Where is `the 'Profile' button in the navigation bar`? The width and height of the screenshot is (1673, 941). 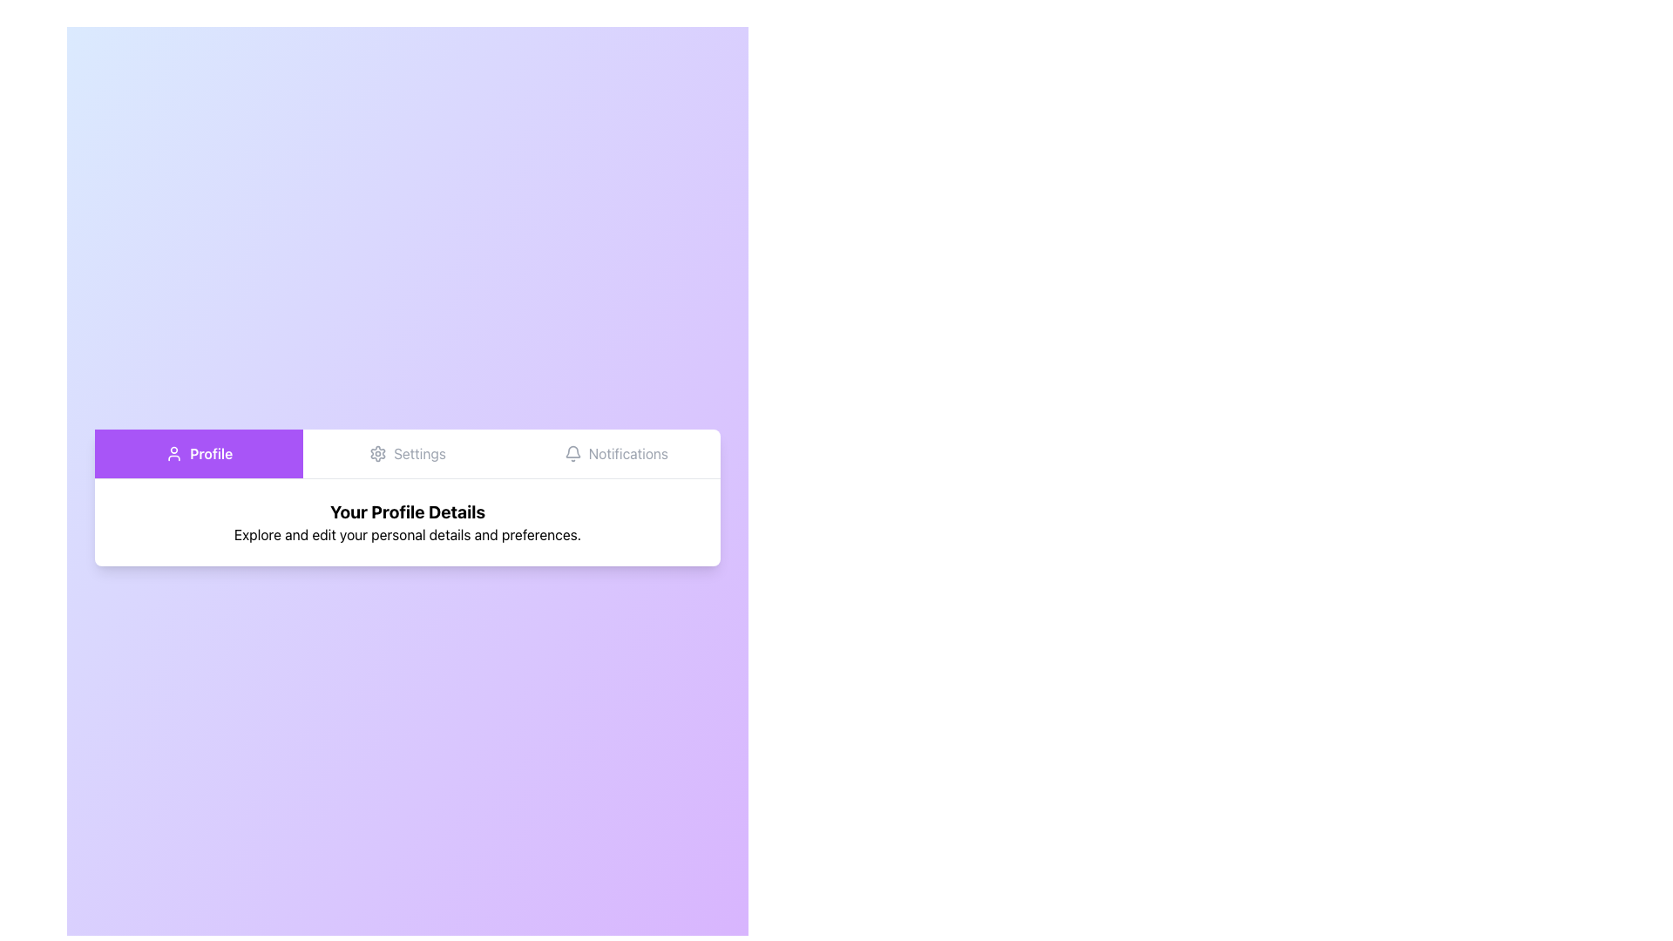 the 'Profile' button in the navigation bar is located at coordinates (199, 452).